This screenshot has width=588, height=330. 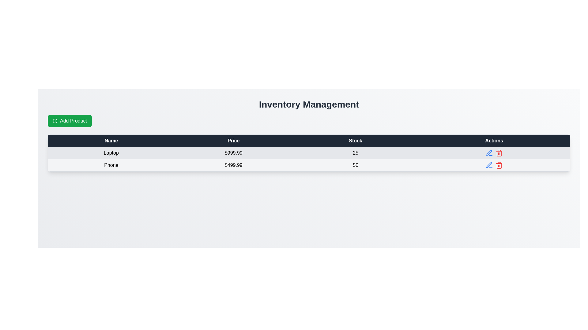 I want to click on the pen-like icon in the second row of the 'Actions' column of the table corresponding to the item labeled 'Phone', so click(x=489, y=152).